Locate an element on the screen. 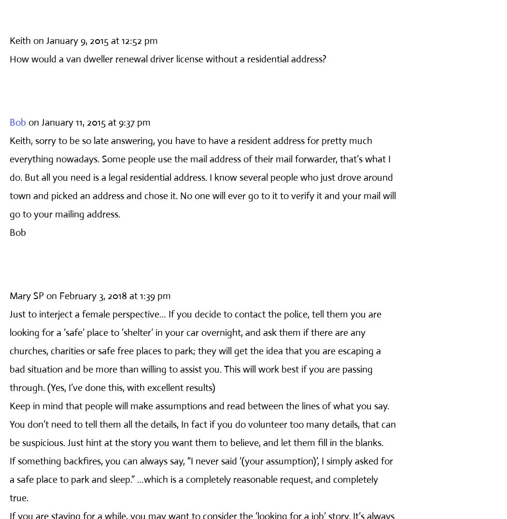  'If something backfires, you can always say, “I never said ‘(your assumption)’, I simply asked for a safe place to park and sleep.” …which is a completely reasonable request, and completely true.' is located at coordinates (200, 478).